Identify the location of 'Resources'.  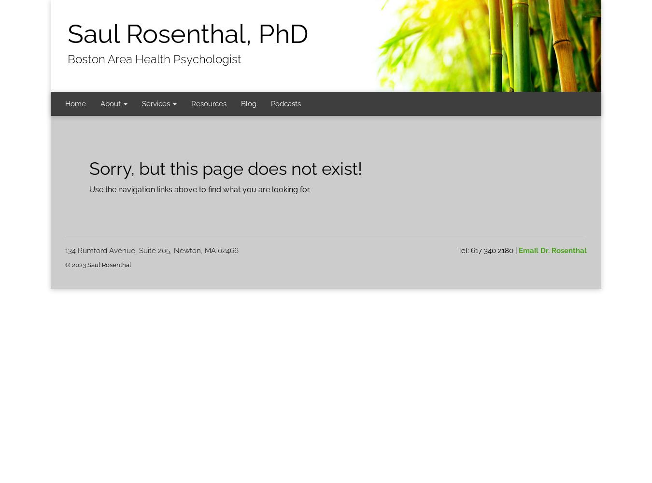
(191, 103).